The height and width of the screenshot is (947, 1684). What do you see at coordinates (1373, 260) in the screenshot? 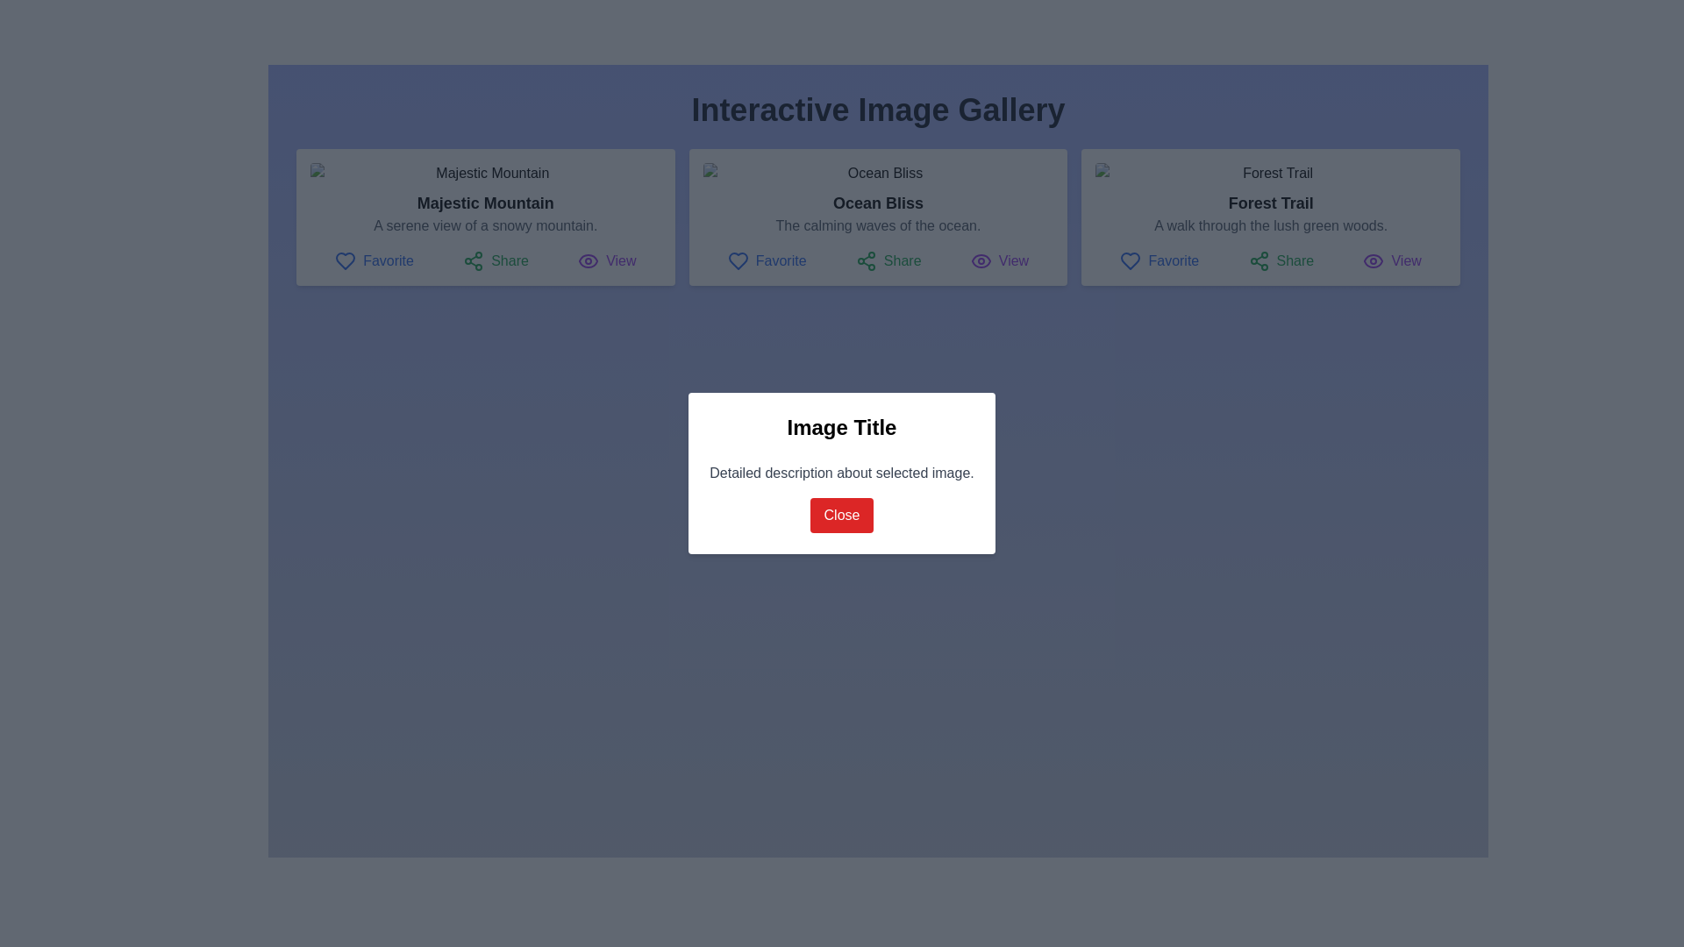
I see `the eye-like icon with a dark blue outline located within the 'View' button of the 'Forest Trail' card, which is situated at the far-right of the image gallery` at bounding box center [1373, 260].